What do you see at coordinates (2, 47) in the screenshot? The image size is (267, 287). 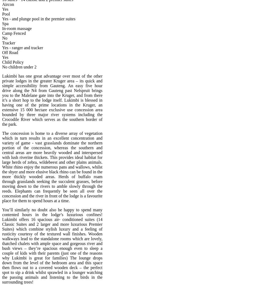 I see `'Yes - ranger and tracker'` at bounding box center [2, 47].